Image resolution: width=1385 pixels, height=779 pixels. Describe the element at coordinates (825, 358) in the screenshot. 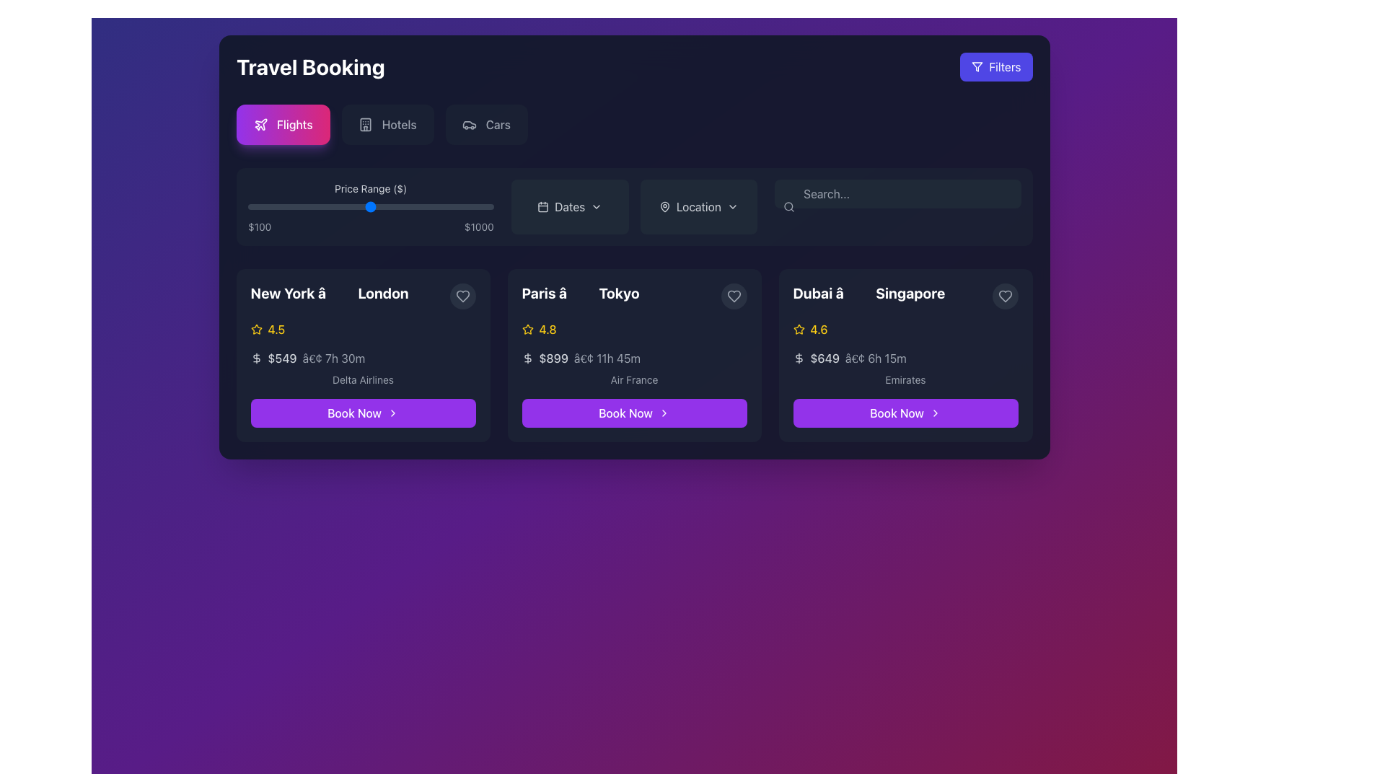

I see `the Text label displaying the ticket cost for the 'Dubai to Singapore' travel option, located immediately after the dollar sign symbol` at that location.